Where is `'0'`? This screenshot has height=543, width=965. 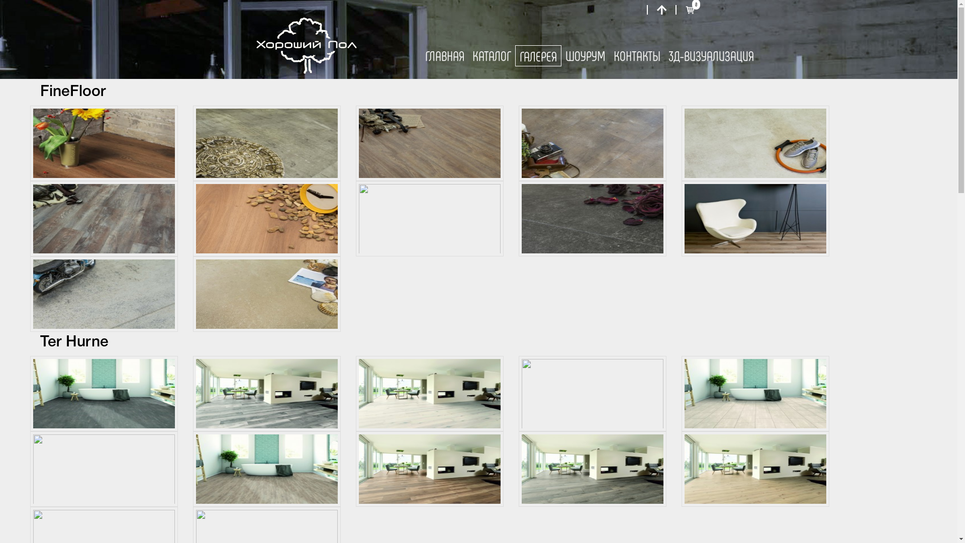
'0' is located at coordinates (684, 9).